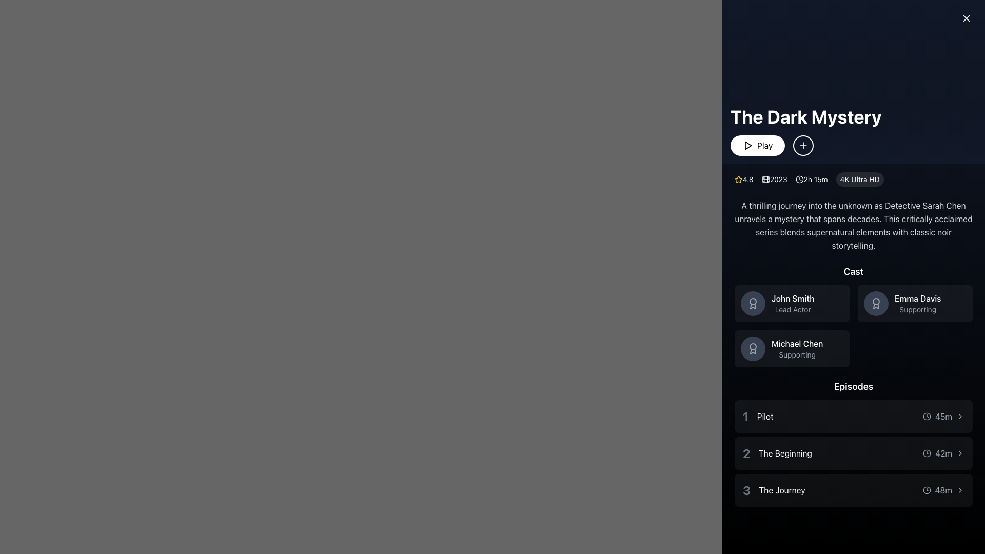 The height and width of the screenshot is (554, 985). I want to click on text label displaying the duration of the episode located to the right of 'The Beginning' episode title and following the clock icon, so click(943, 452).